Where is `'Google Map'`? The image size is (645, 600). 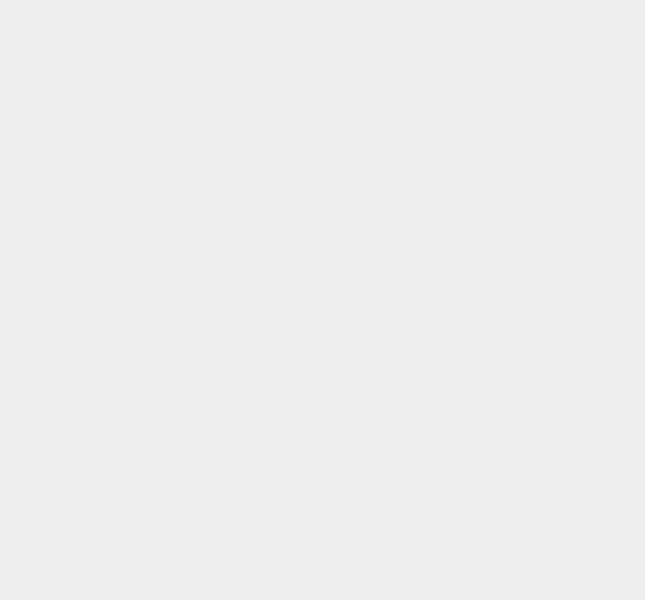
'Google Map' is located at coordinates (476, 9).